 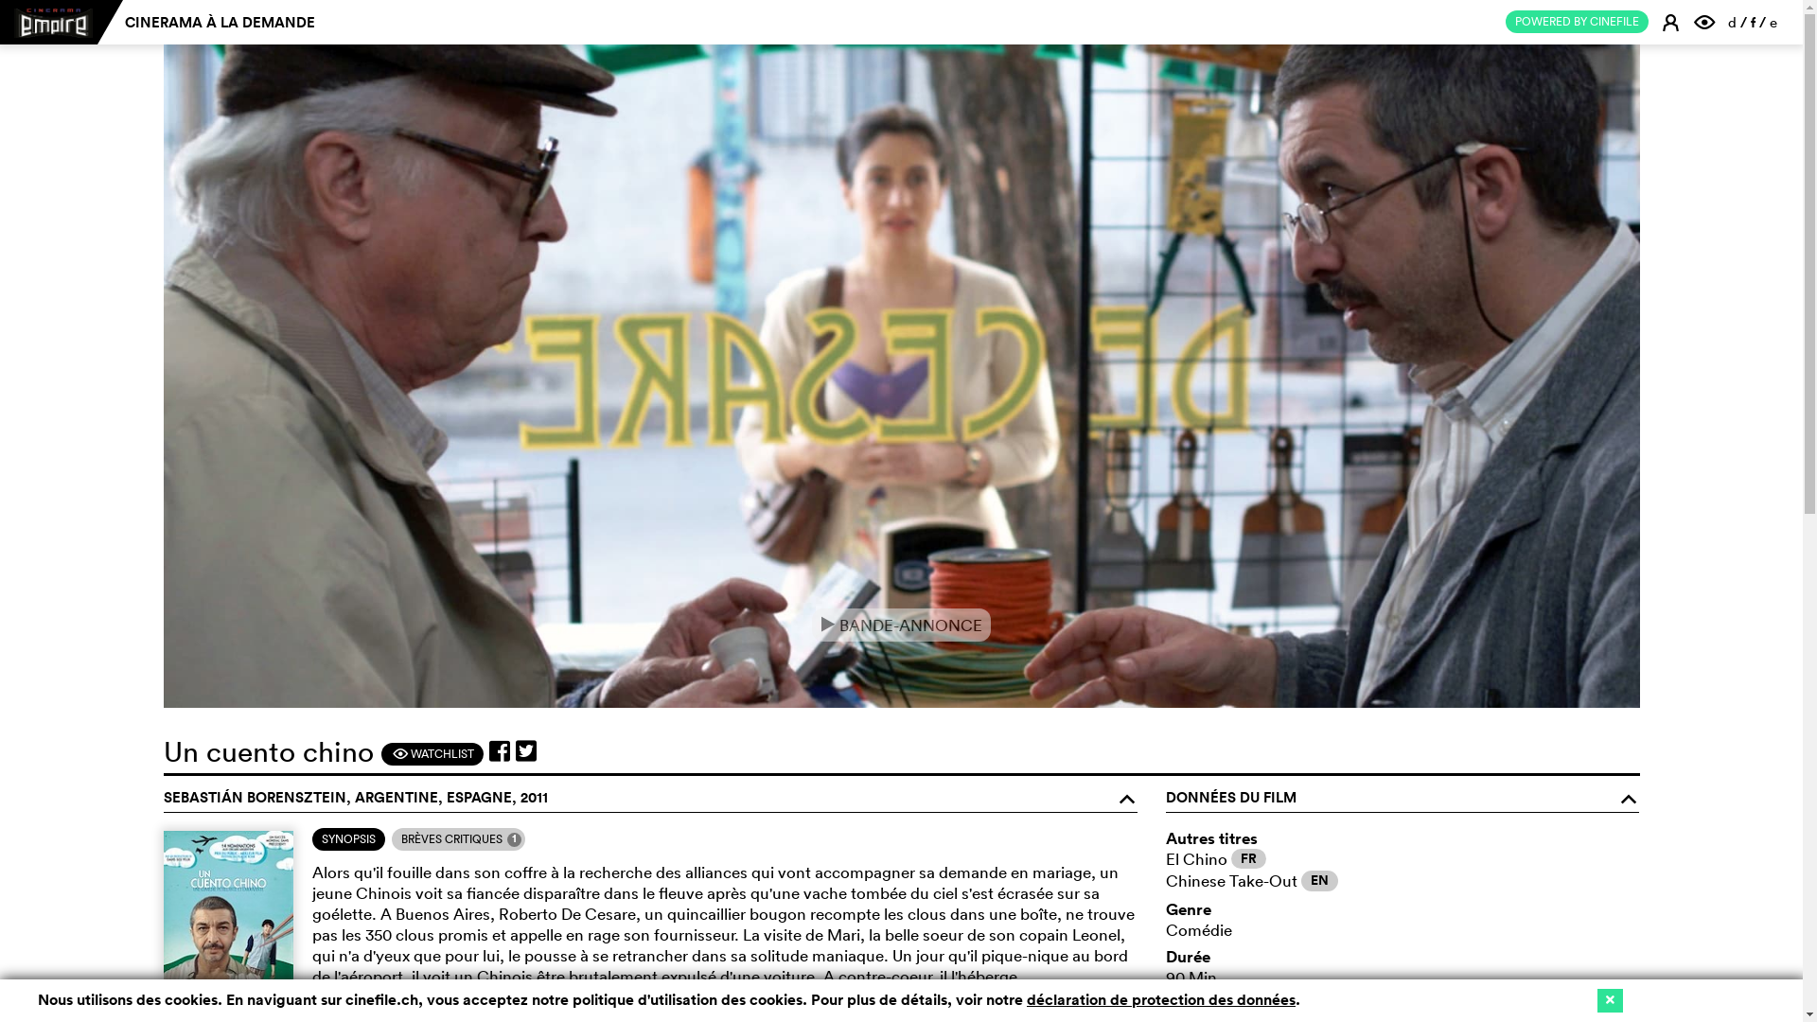 What do you see at coordinates (348, 837) in the screenshot?
I see `'SYNOPSIS'` at bounding box center [348, 837].